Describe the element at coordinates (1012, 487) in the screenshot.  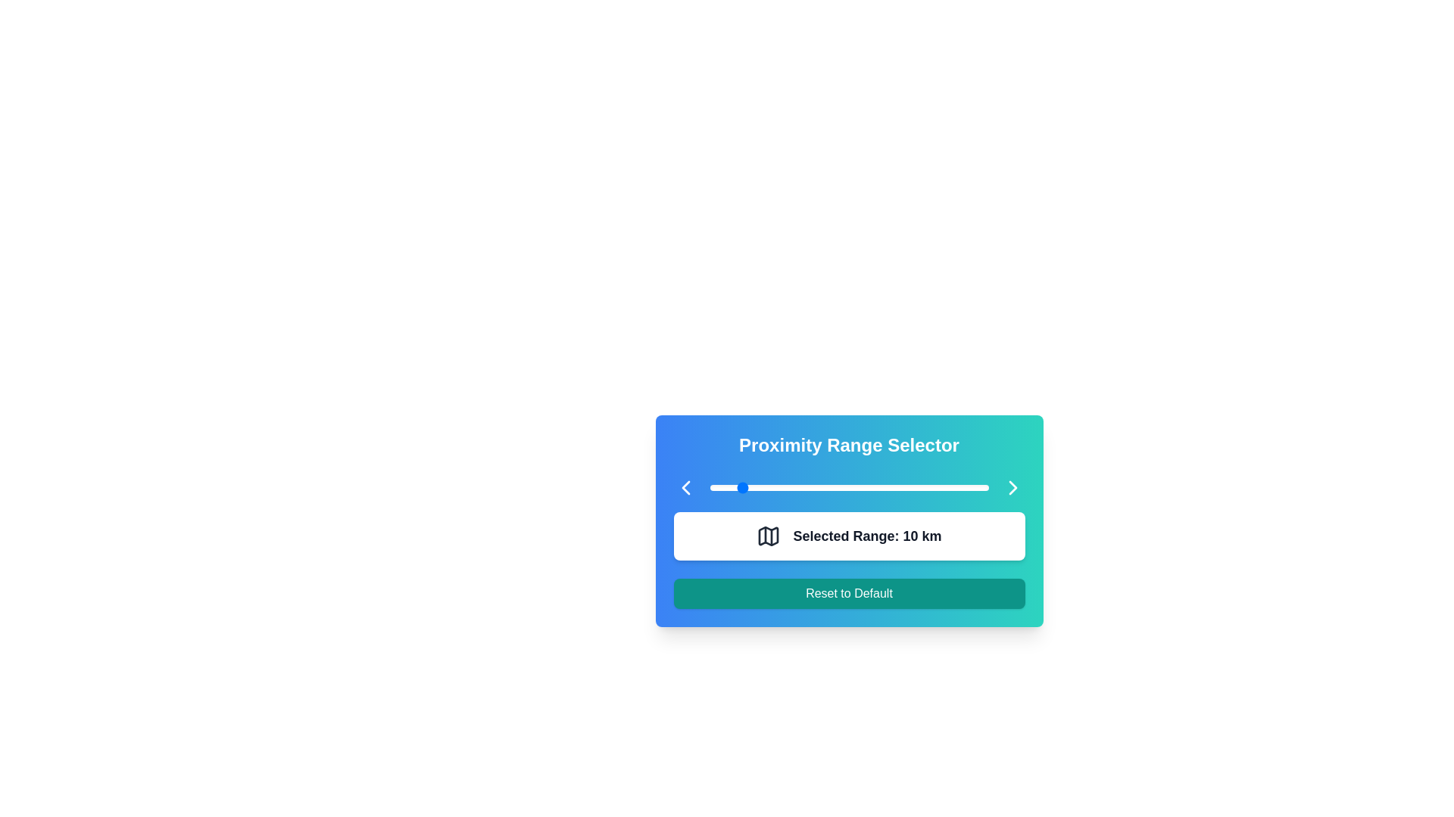
I see `the right-facing chevron icon on the turquoise background within the 'Proximity Range Selector' component` at that location.